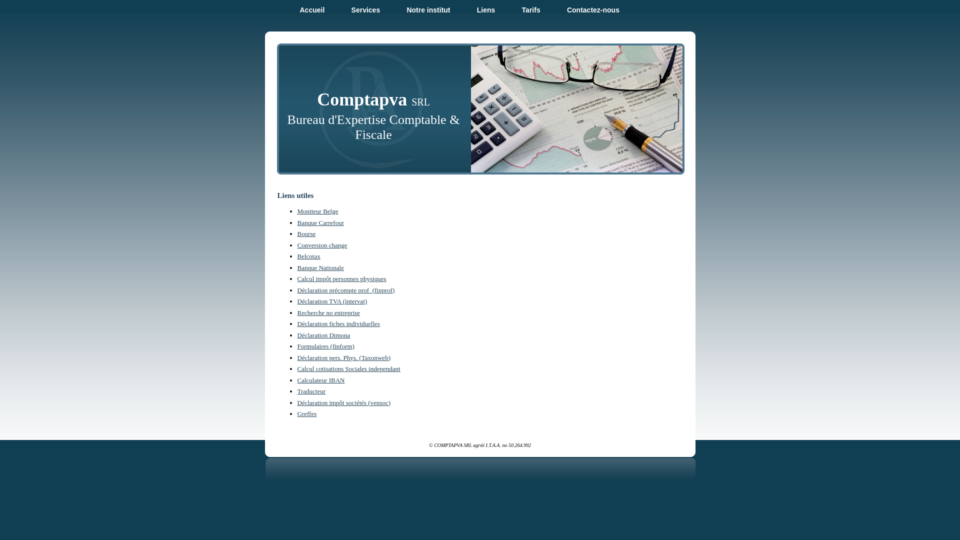  What do you see at coordinates (325, 345) in the screenshot?
I see `'Formulaires (finform)'` at bounding box center [325, 345].